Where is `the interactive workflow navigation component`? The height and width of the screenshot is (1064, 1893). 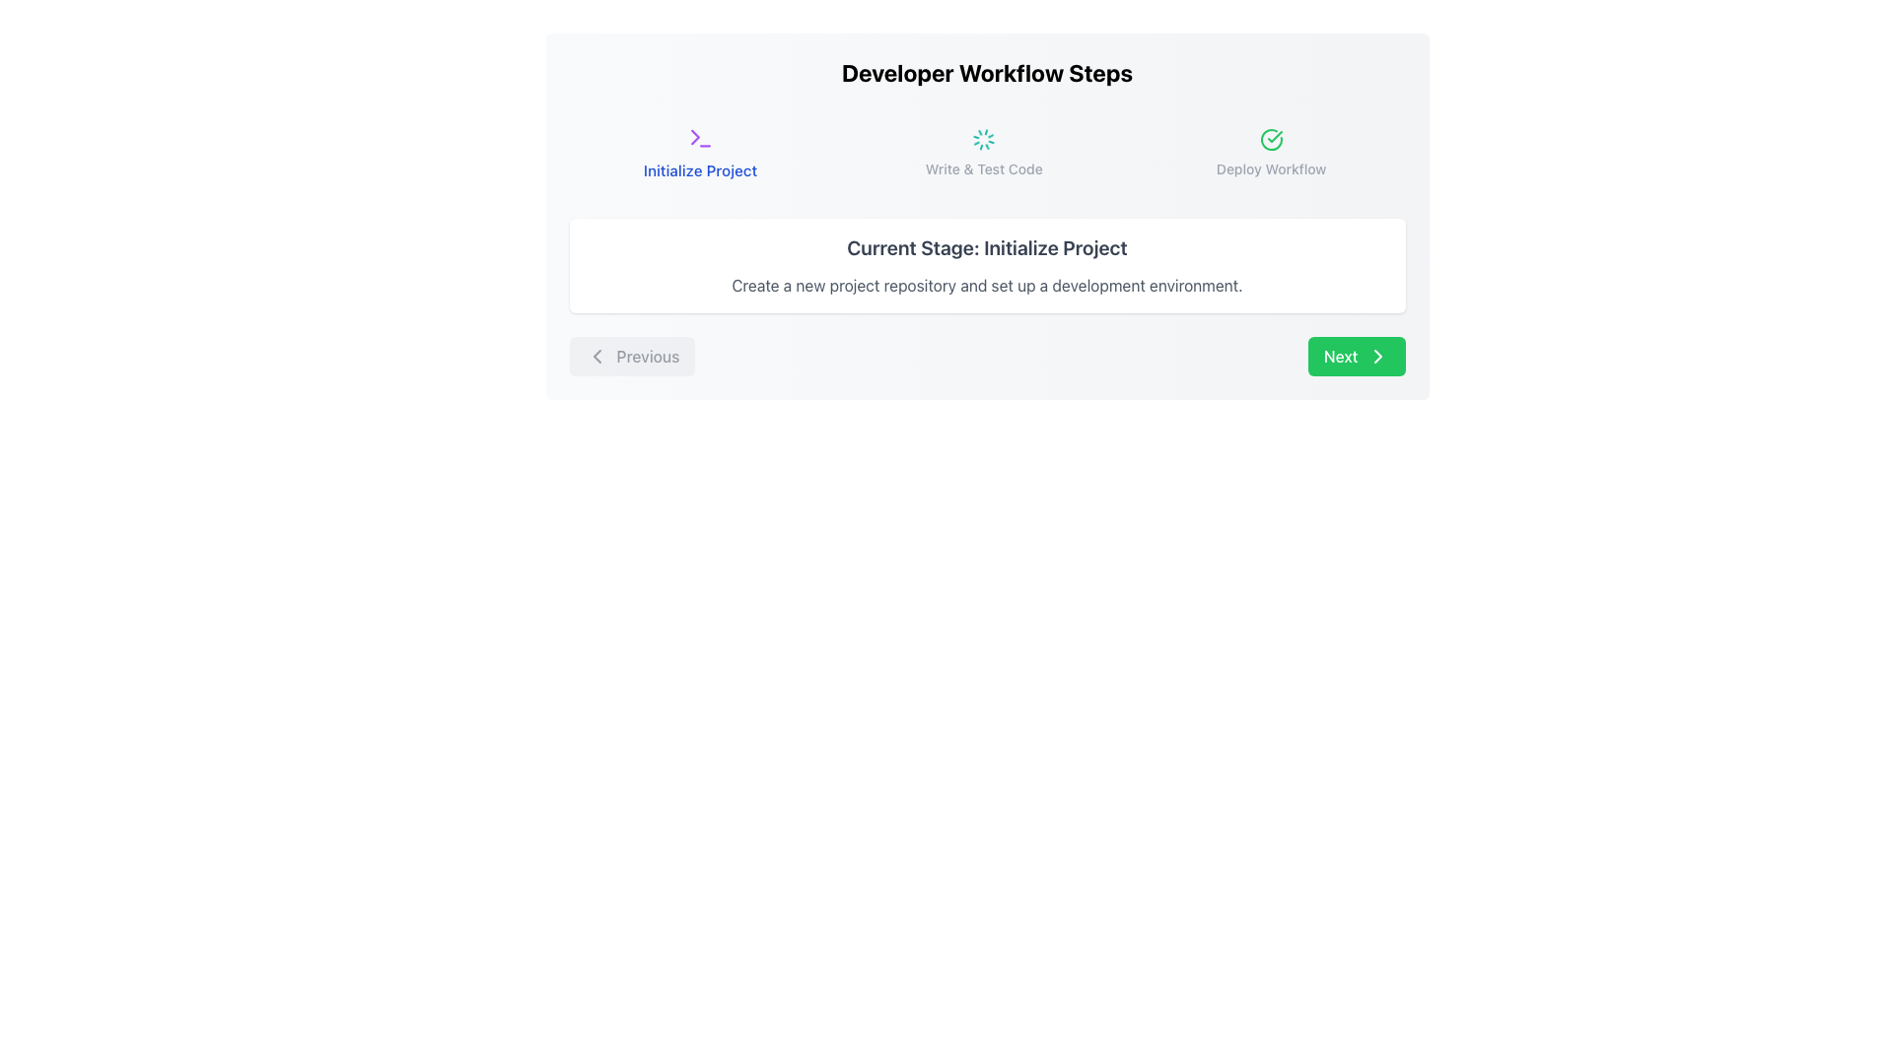 the interactive workflow navigation component is located at coordinates (987, 216).